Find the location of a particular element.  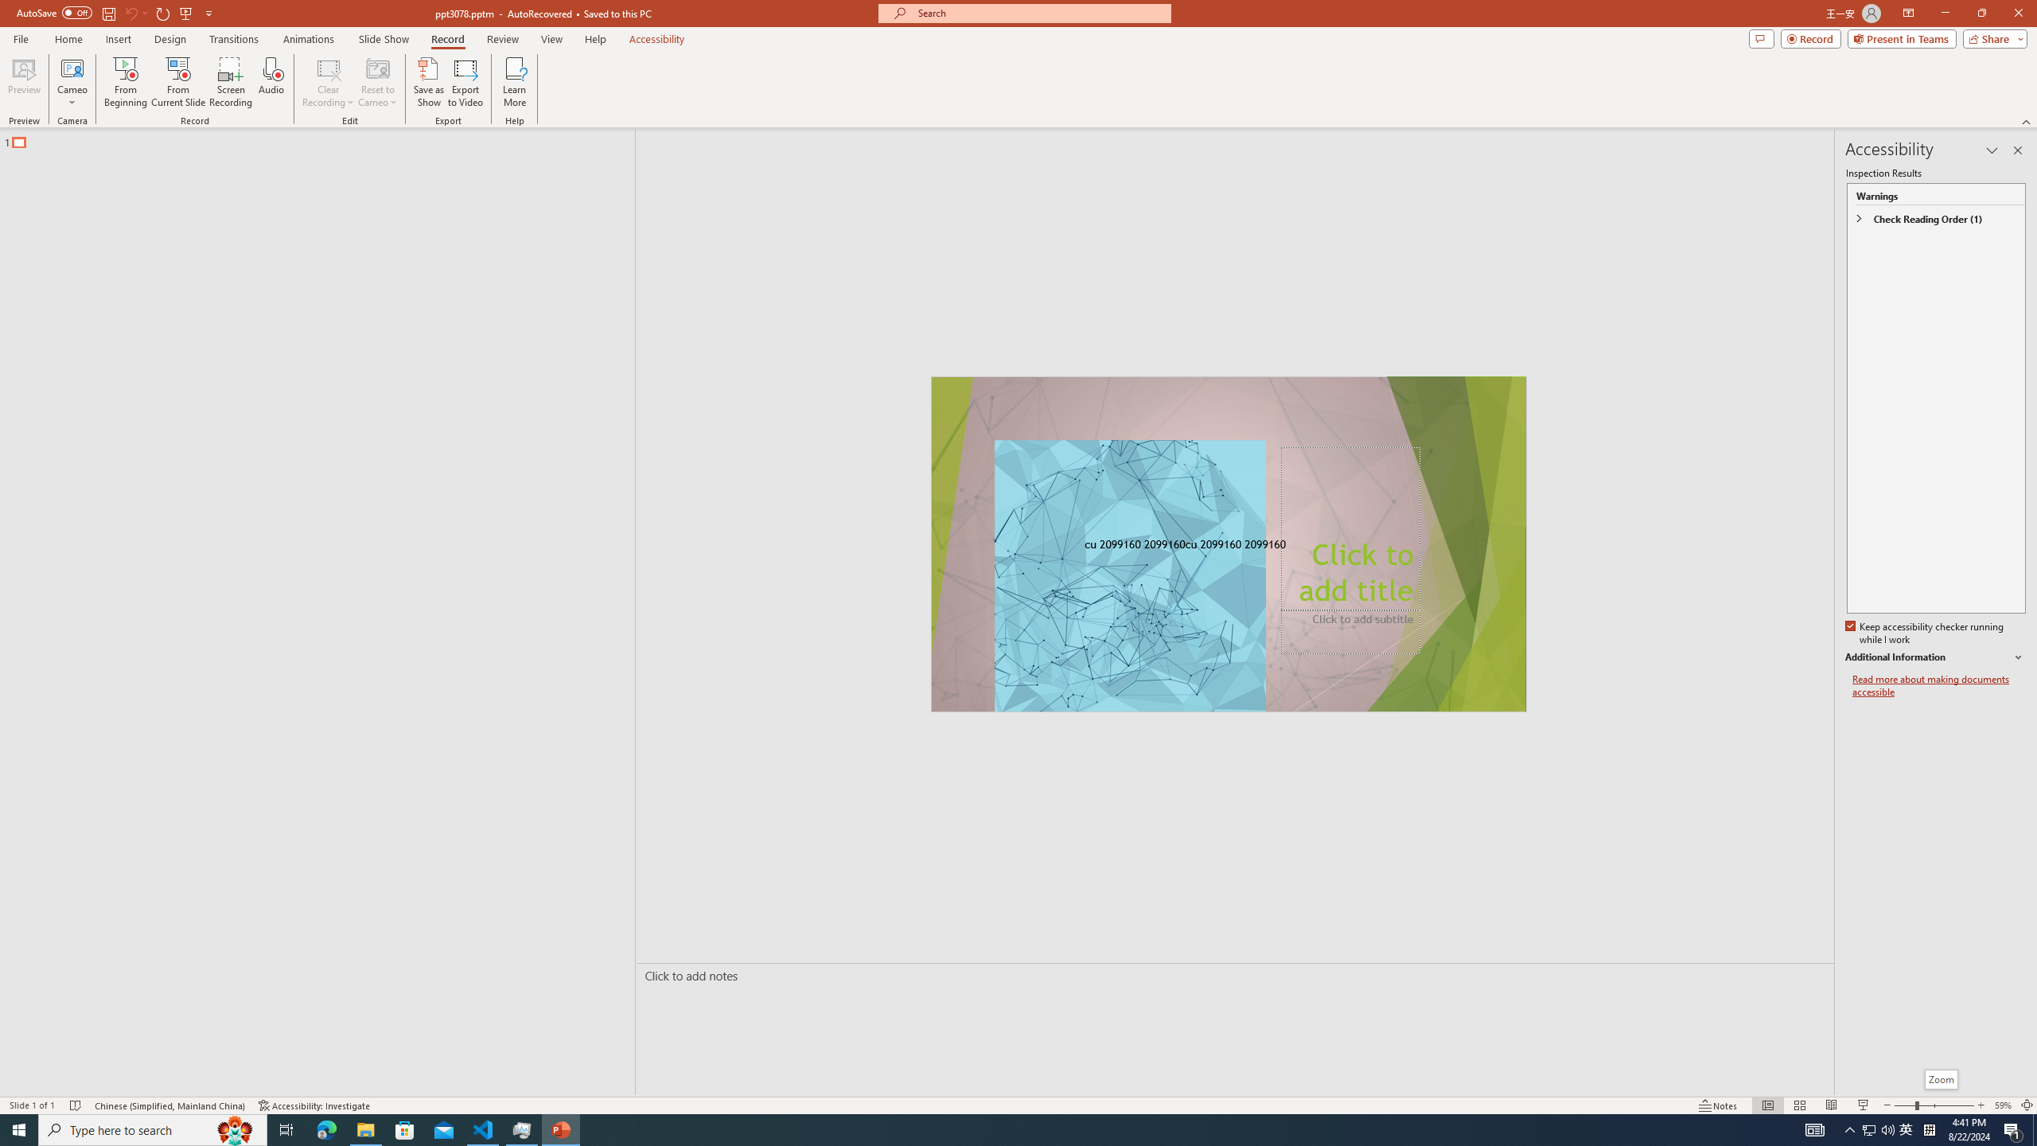

'Zoom 59%' is located at coordinates (2002, 1105).